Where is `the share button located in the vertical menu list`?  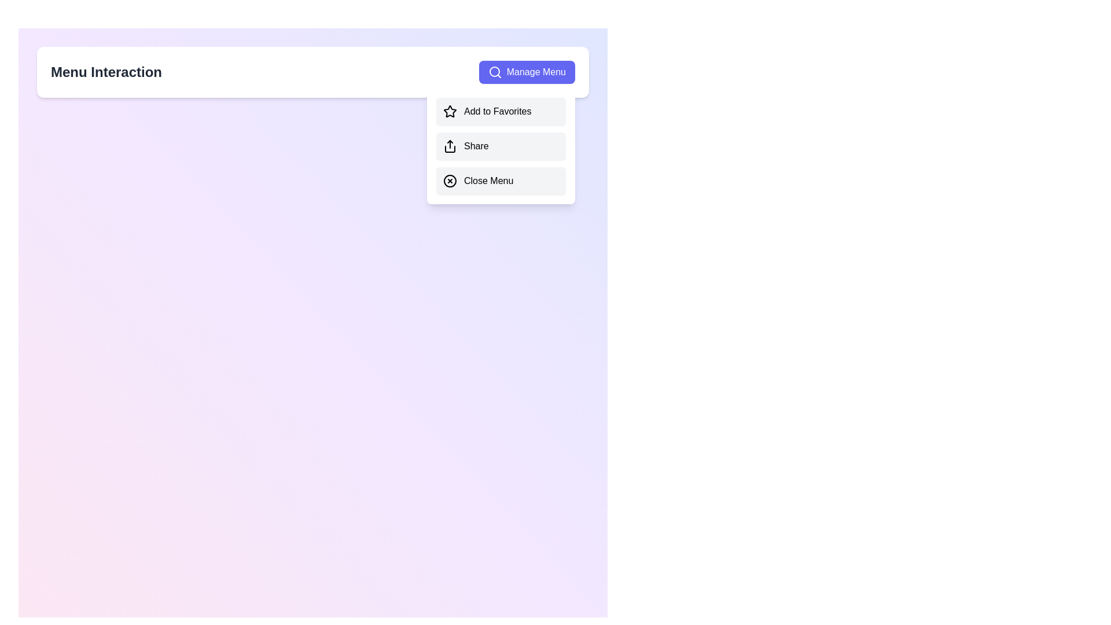 the share button located in the vertical menu list is located at coordinates (501, 146).